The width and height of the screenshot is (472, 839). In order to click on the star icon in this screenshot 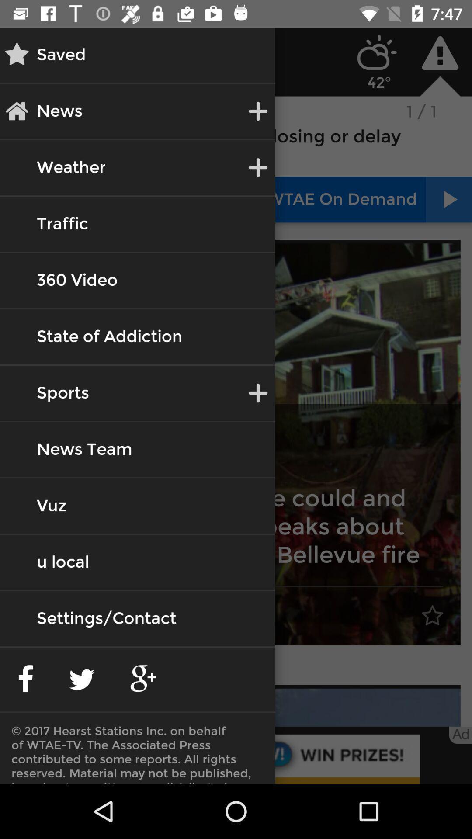, I will do `click(31, 59)`.